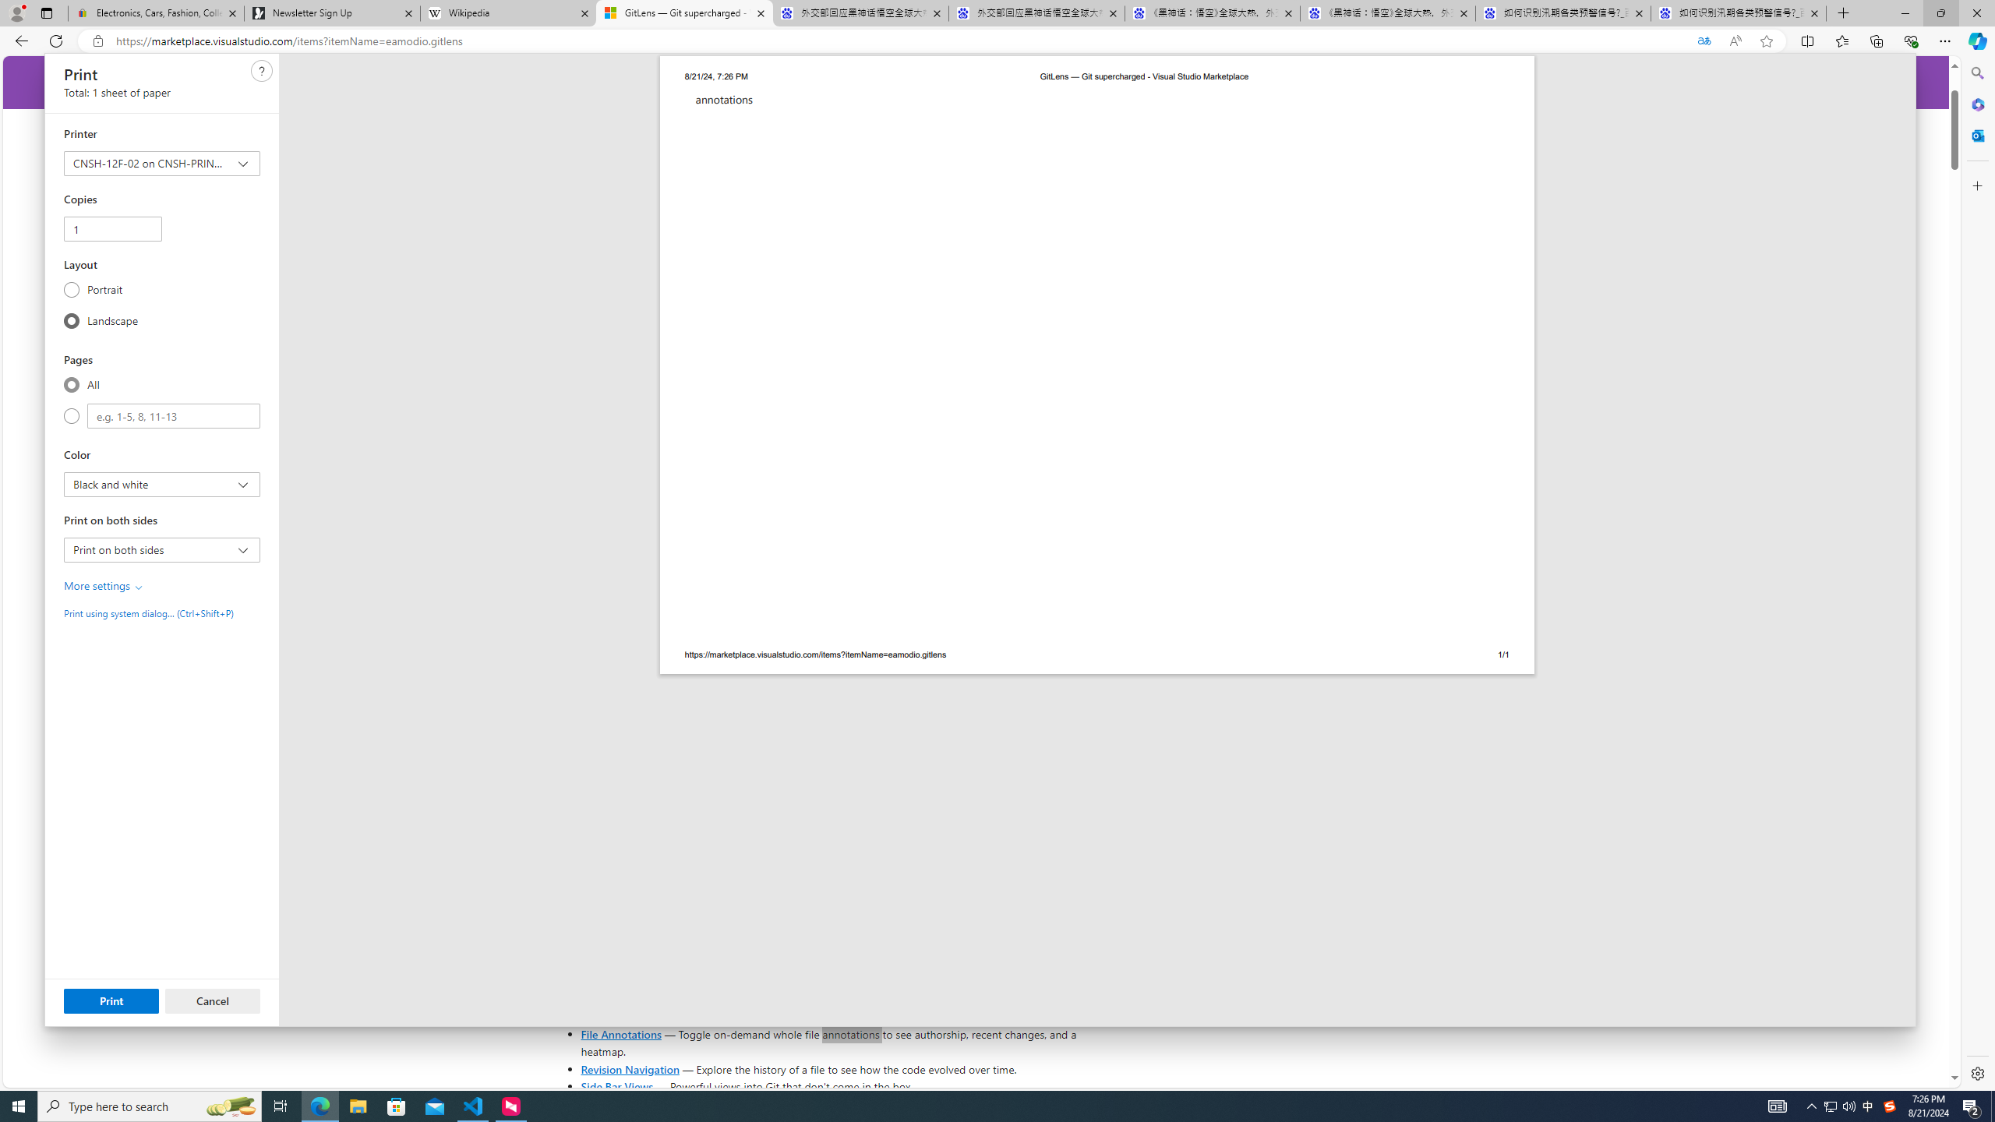  I want to click on 'Class: c0129', so click(260, 71).